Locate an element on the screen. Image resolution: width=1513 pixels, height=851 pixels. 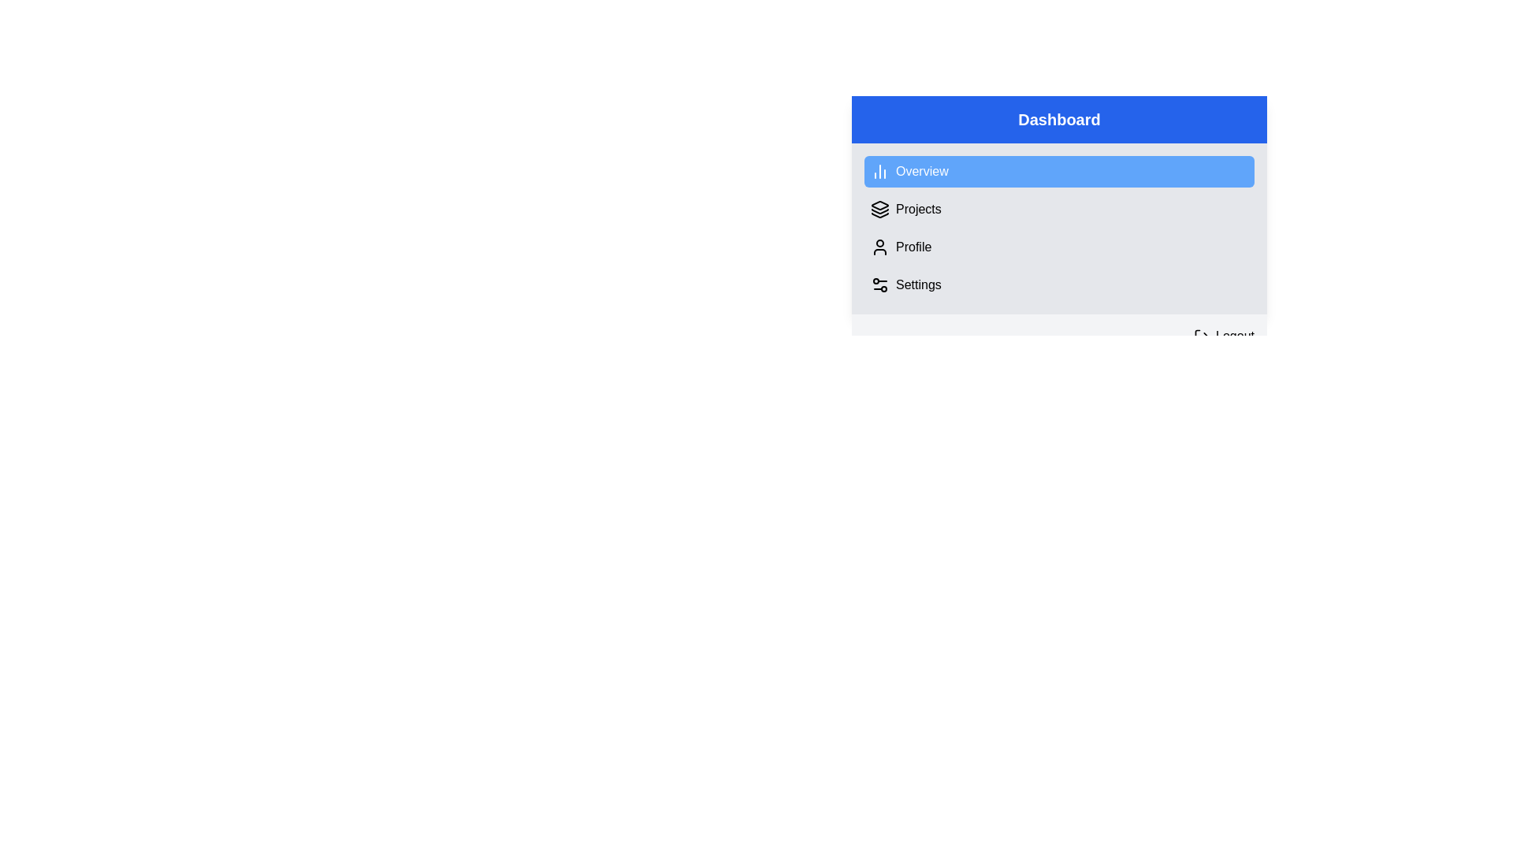
the 'Projects' icon in the sidebar menu of the 'Dashboard', which serves as an indicative icon for the 'Projects' menu item is located at coordinates (879, 209).